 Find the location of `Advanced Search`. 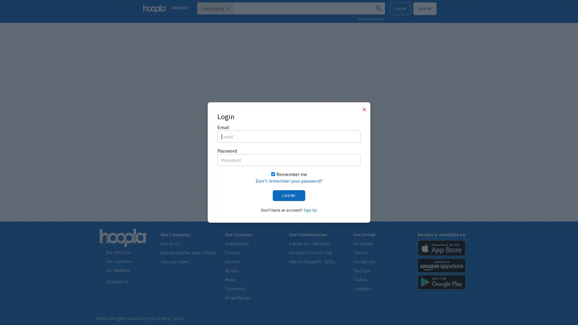

Advanced Search is located at coordinates (371, 18).